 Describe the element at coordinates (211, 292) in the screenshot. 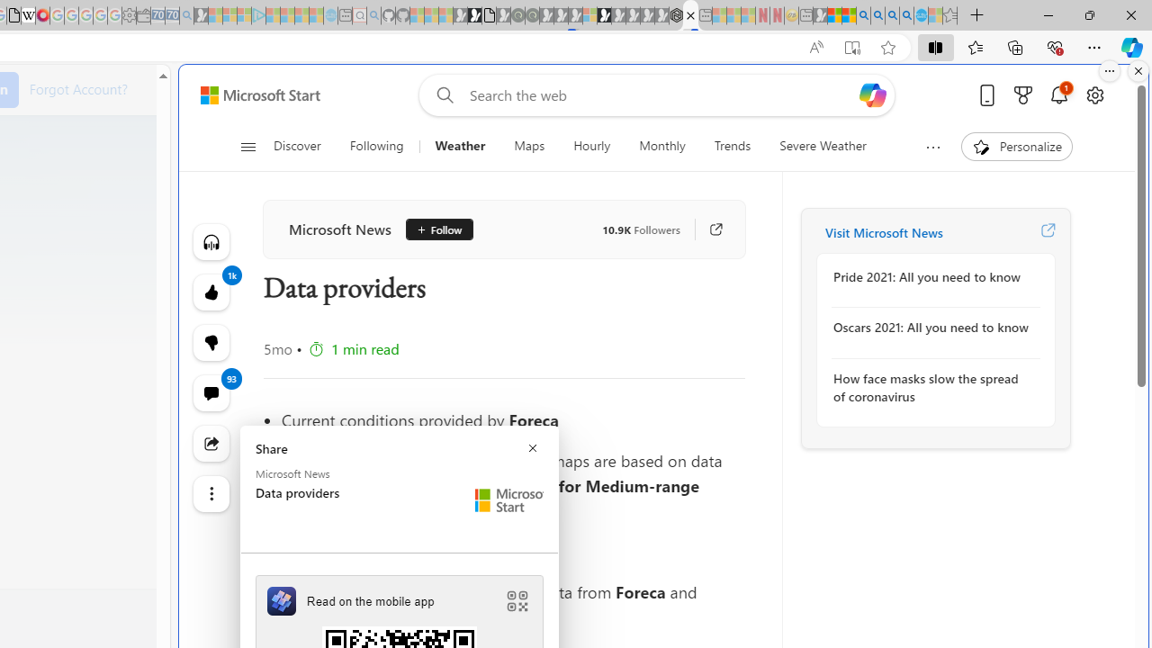

I see `'1k Like'` at that location.